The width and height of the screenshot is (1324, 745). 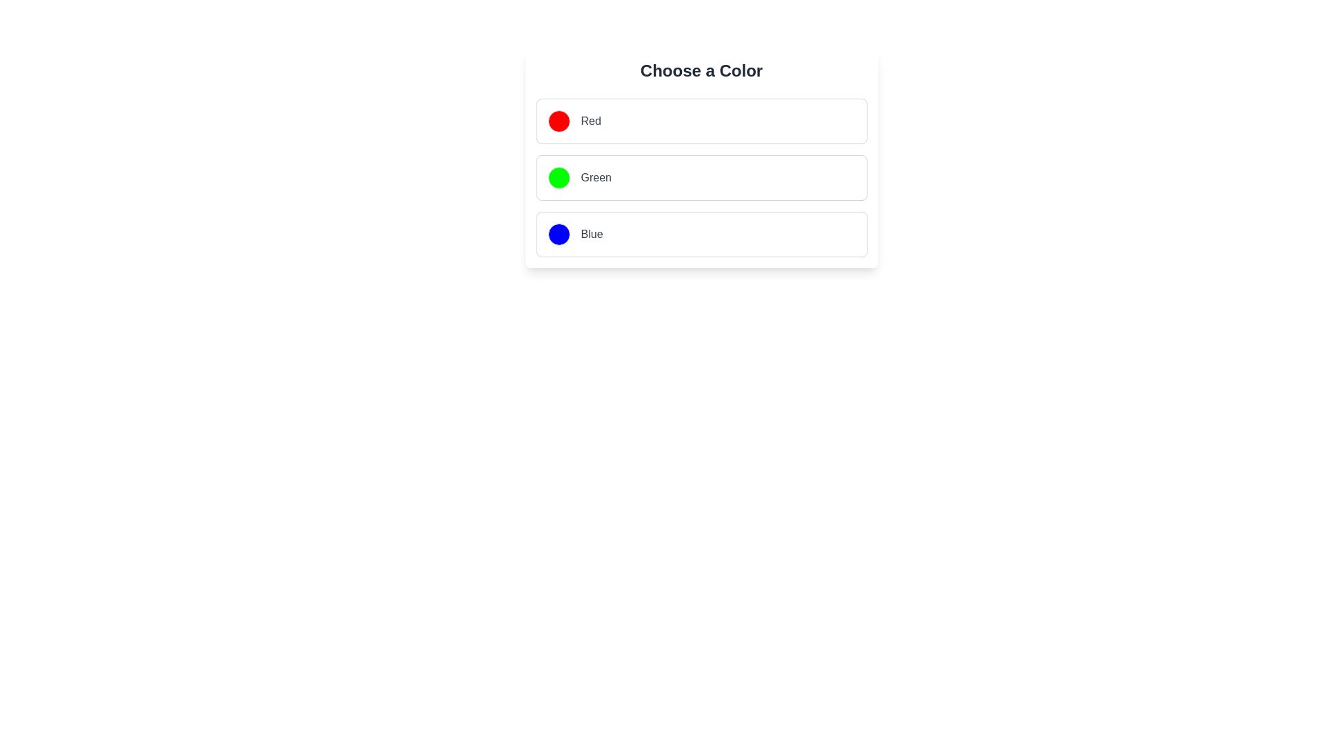 What do you see at coordinates (701, 177) in the screenshot?
I see `the 'Green' radio button in the 'Choose a Color' radiogroup` at bounding box center [701, 177].